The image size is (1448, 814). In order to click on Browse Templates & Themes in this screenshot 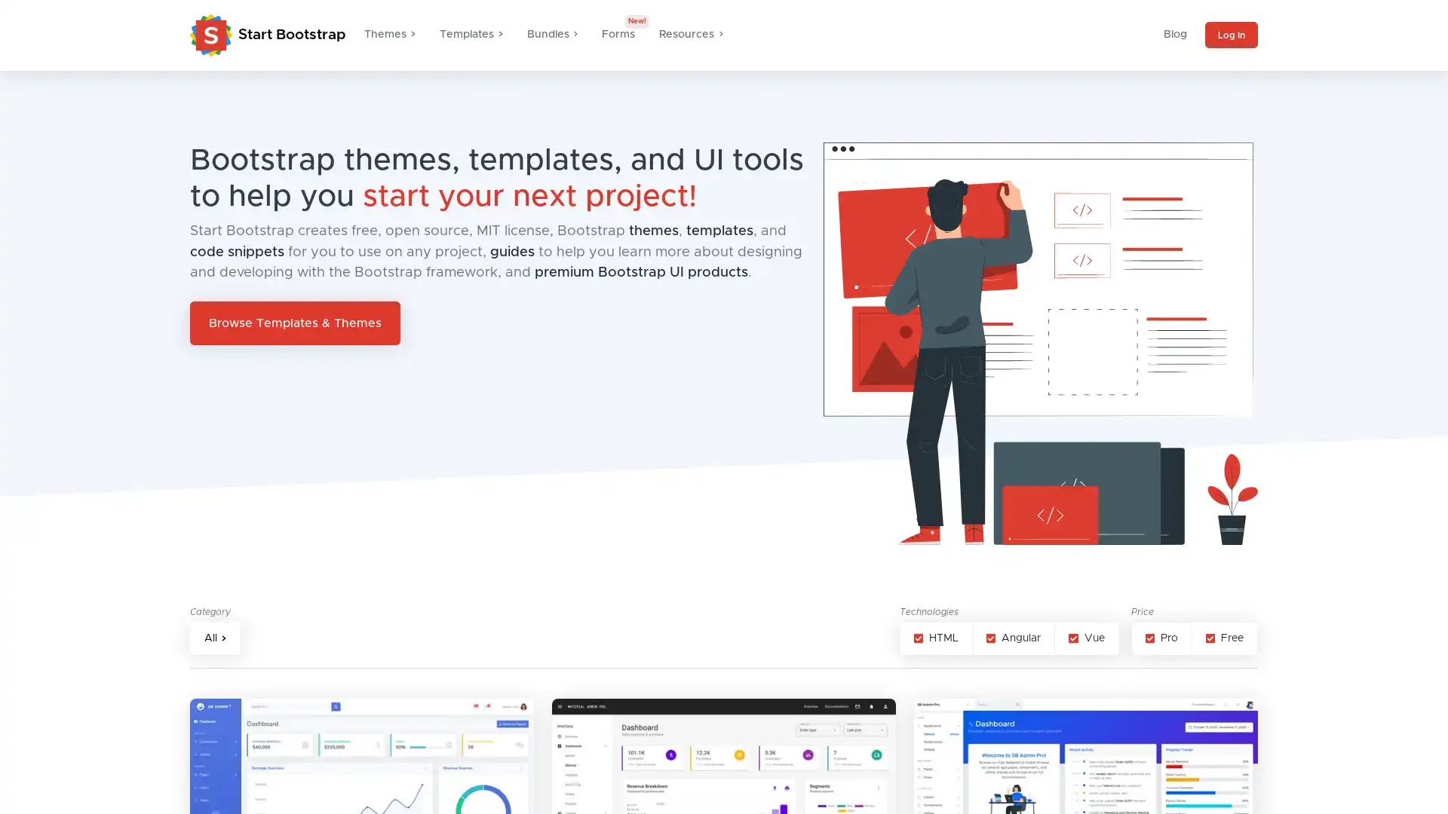, I will do `click(295, 322)`.